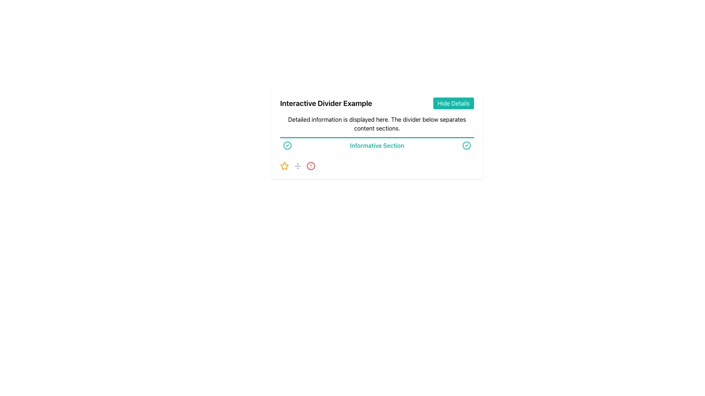 This screenshot has height=396, width=705. What do you see at coordinates (377, 144) in the screenshot?
I see `the Decorative label bar, which is positioned below a descriptive paragraph and serves as a labeled divider within the interface` at bounding box center [377, 144].